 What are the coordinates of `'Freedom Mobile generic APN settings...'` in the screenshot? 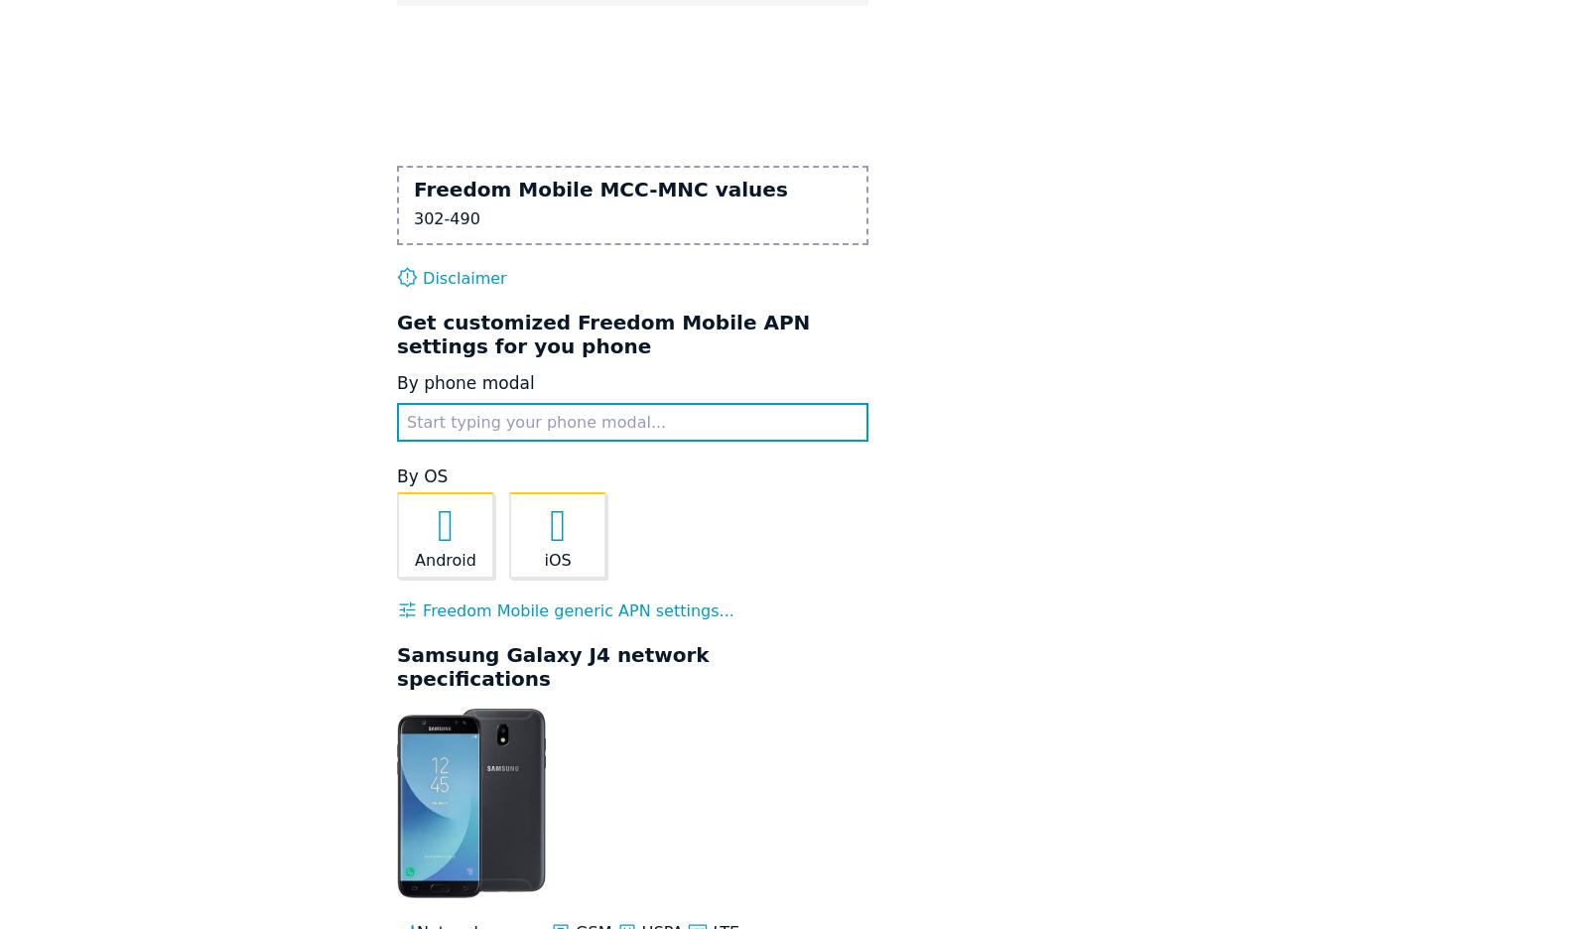 It's located at (575, 609).